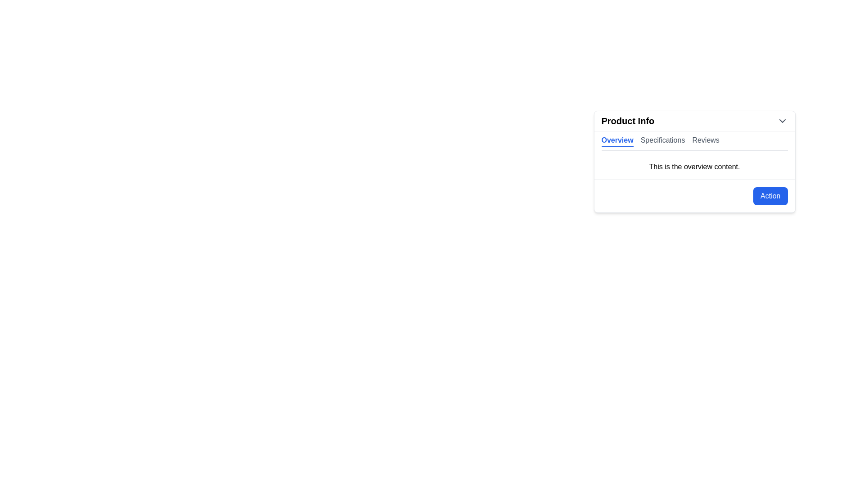 Image resolution: width=864 pixels, height=486 pixels. I want to click on the action button located at the bottom-right corner of the 'Product Info' box, so click(770, 195).